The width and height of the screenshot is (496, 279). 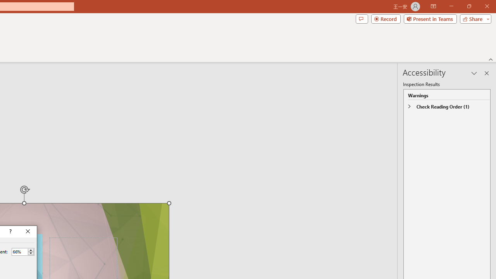 I want to click on 'Percent', so click(x=23, y=252).